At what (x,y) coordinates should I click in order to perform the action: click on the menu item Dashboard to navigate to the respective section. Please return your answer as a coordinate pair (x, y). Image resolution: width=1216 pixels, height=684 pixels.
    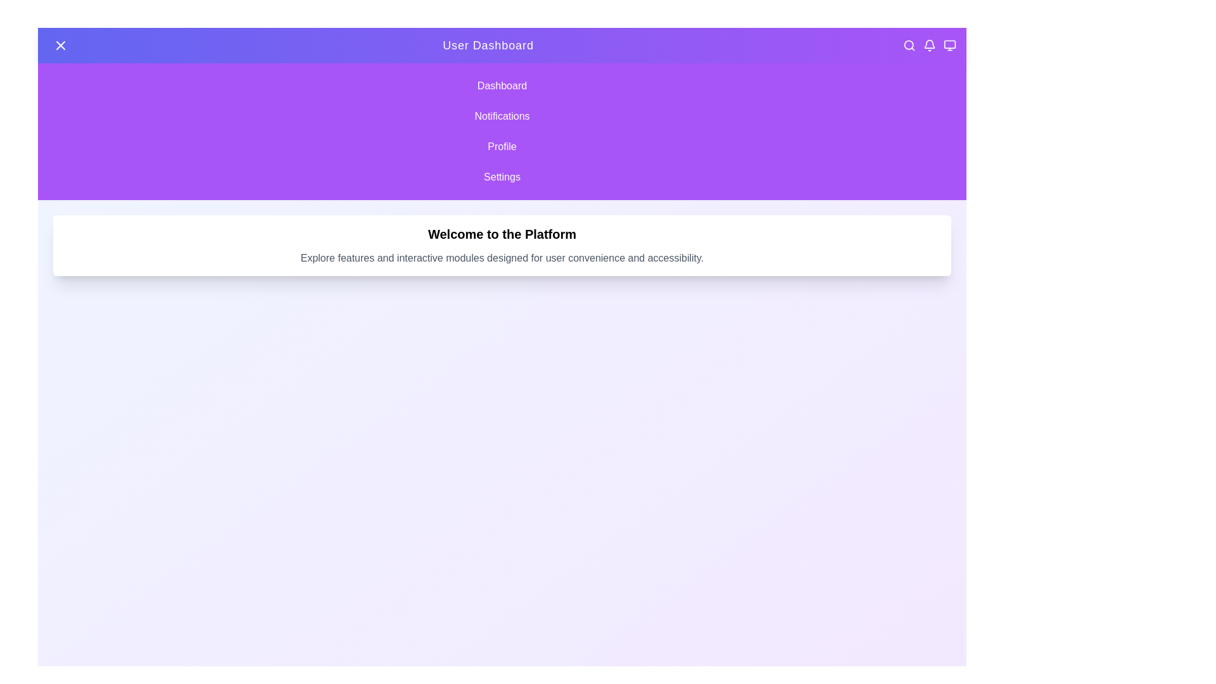
    Looking at the image, I should click on (501, 85).